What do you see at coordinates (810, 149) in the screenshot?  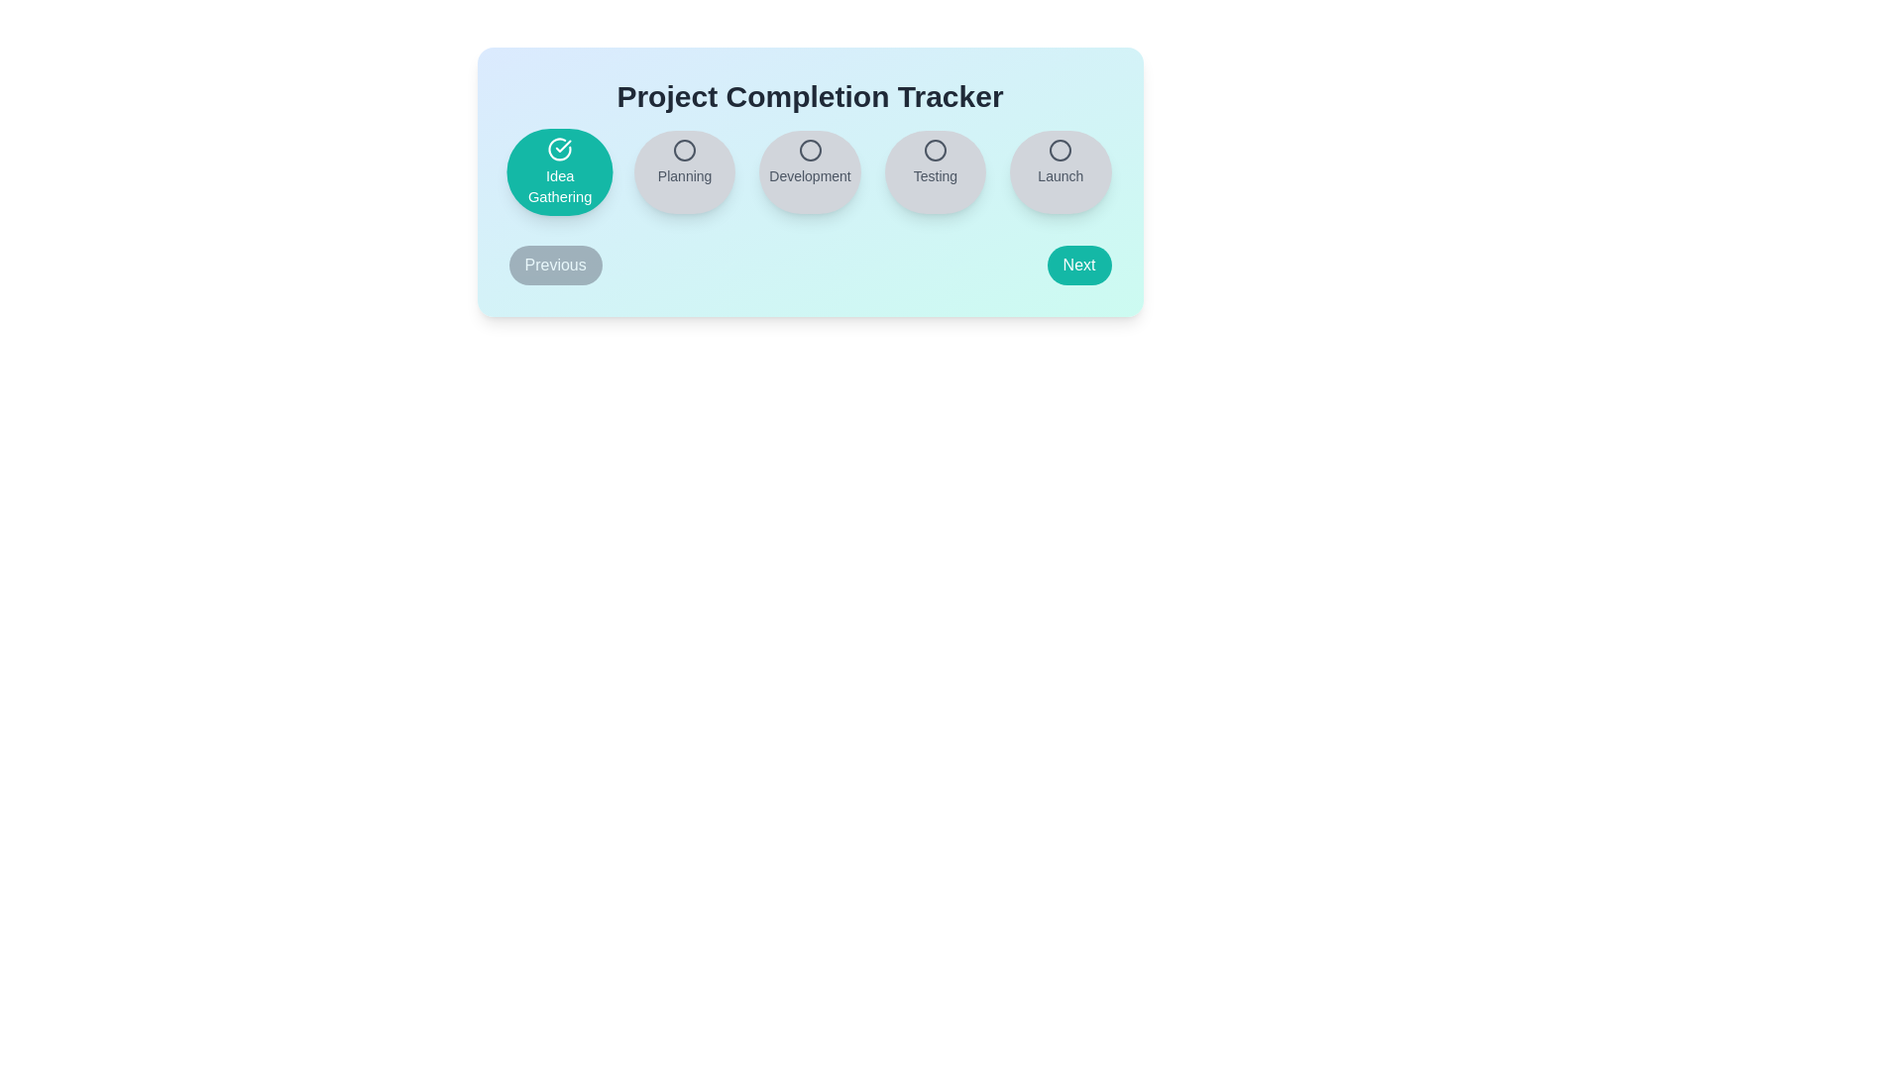 I see `the icon representing the 'Development' step in the project completion tracker, located at the center of the button` at bounding box center [810, 149].